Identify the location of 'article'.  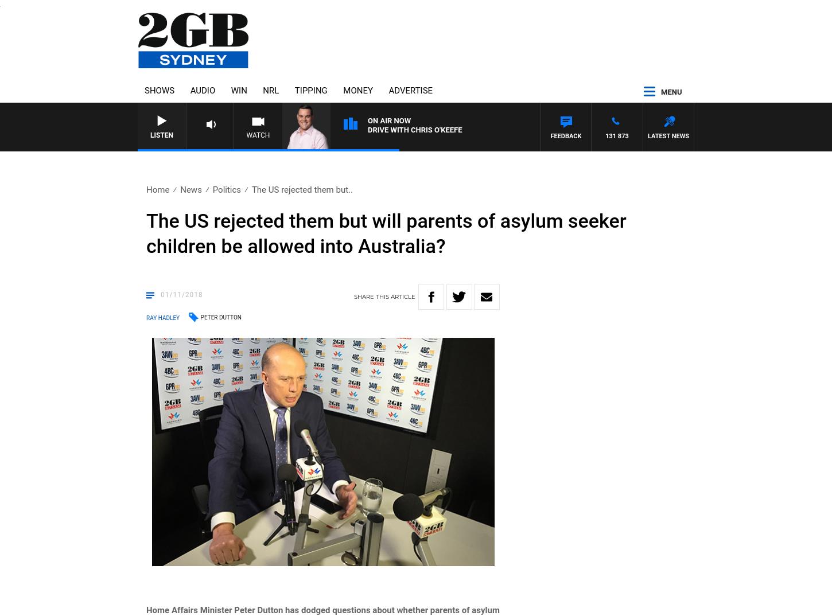
(402, 296).